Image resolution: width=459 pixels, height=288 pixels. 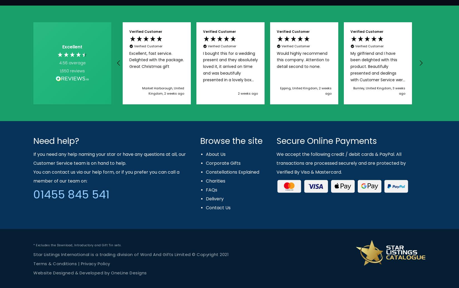 I want to click on '2 weeks ago', so click(x=248, y=93).